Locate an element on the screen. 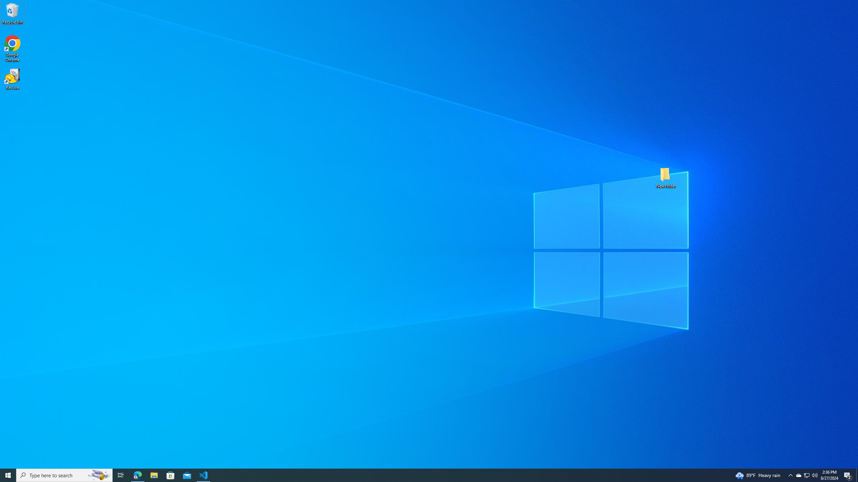 The width and height of the screenshot is (858, 482). 'Type here to search' is located at coordinates (64, 475).